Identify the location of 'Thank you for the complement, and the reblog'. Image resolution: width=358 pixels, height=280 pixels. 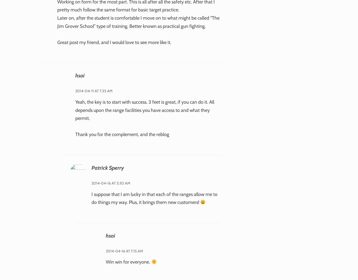
(75, 134).